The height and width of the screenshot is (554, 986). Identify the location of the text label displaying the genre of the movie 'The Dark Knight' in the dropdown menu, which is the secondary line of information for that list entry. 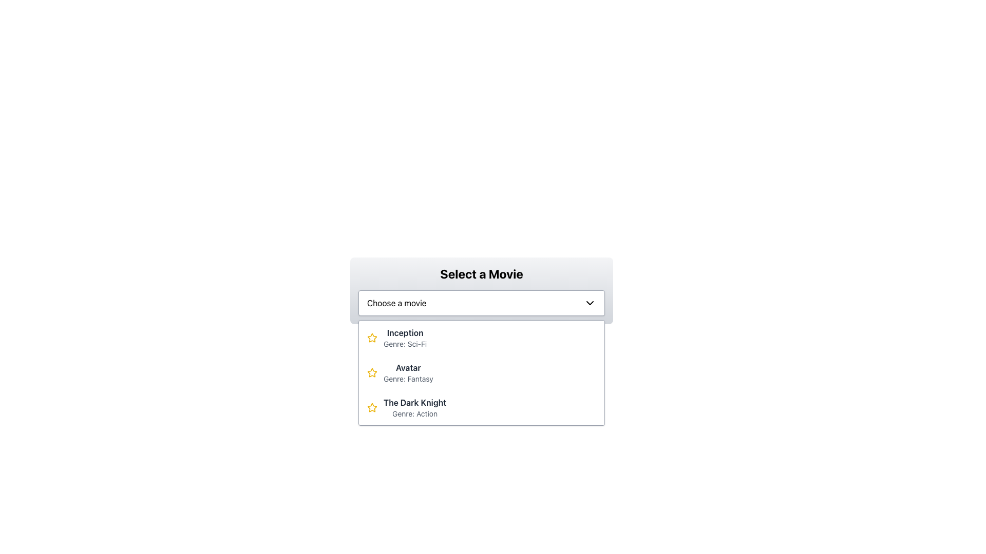
(415, 413).